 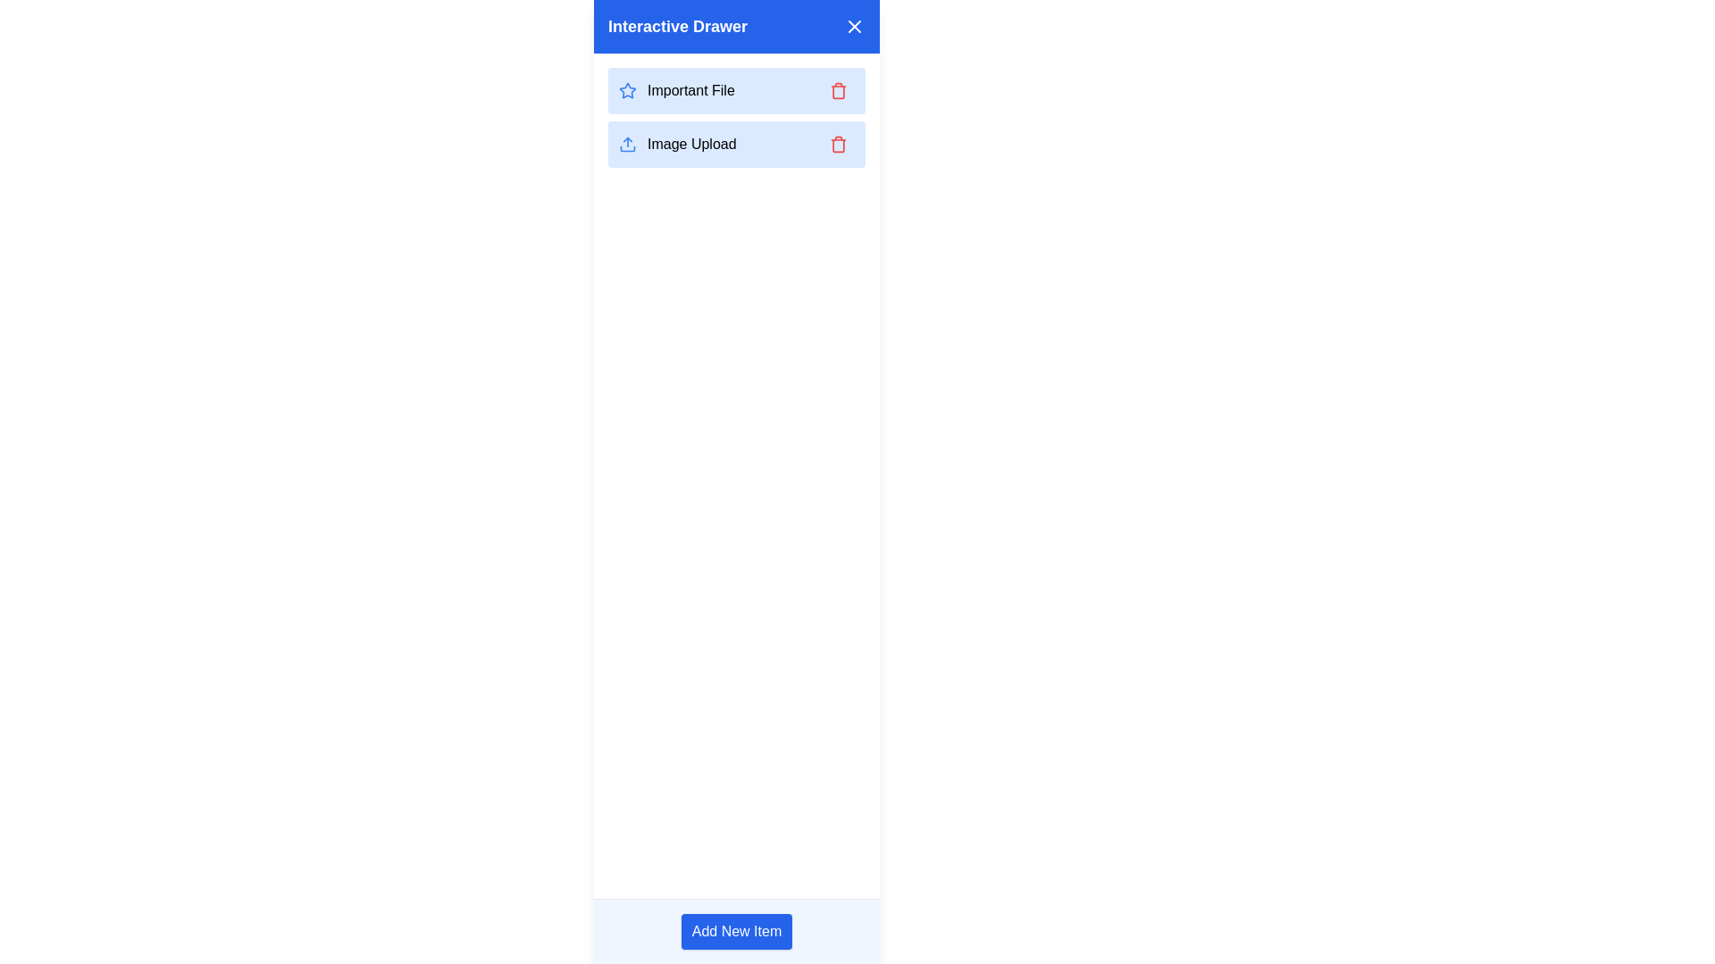 What do you see at coordinates (690, 90) in the screenshot?
I see `the text label indicating an important file in the sidebar titled 'Interactive Drawer', which is positioned centrally in the first row next to a blue star icon` at bounding box center [690, 90].